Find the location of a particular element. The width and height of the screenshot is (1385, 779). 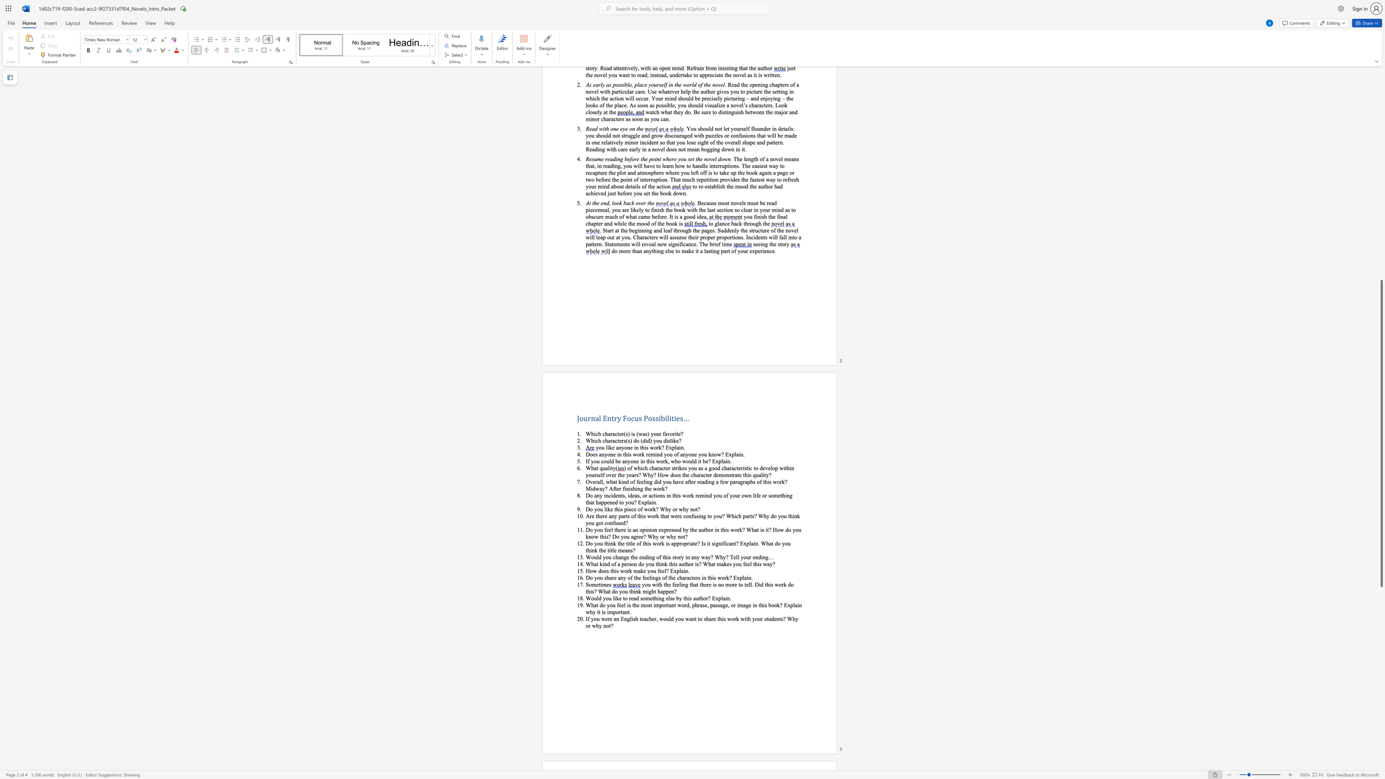

the 3th character "l" in the text is located at coordinates (722, 461).